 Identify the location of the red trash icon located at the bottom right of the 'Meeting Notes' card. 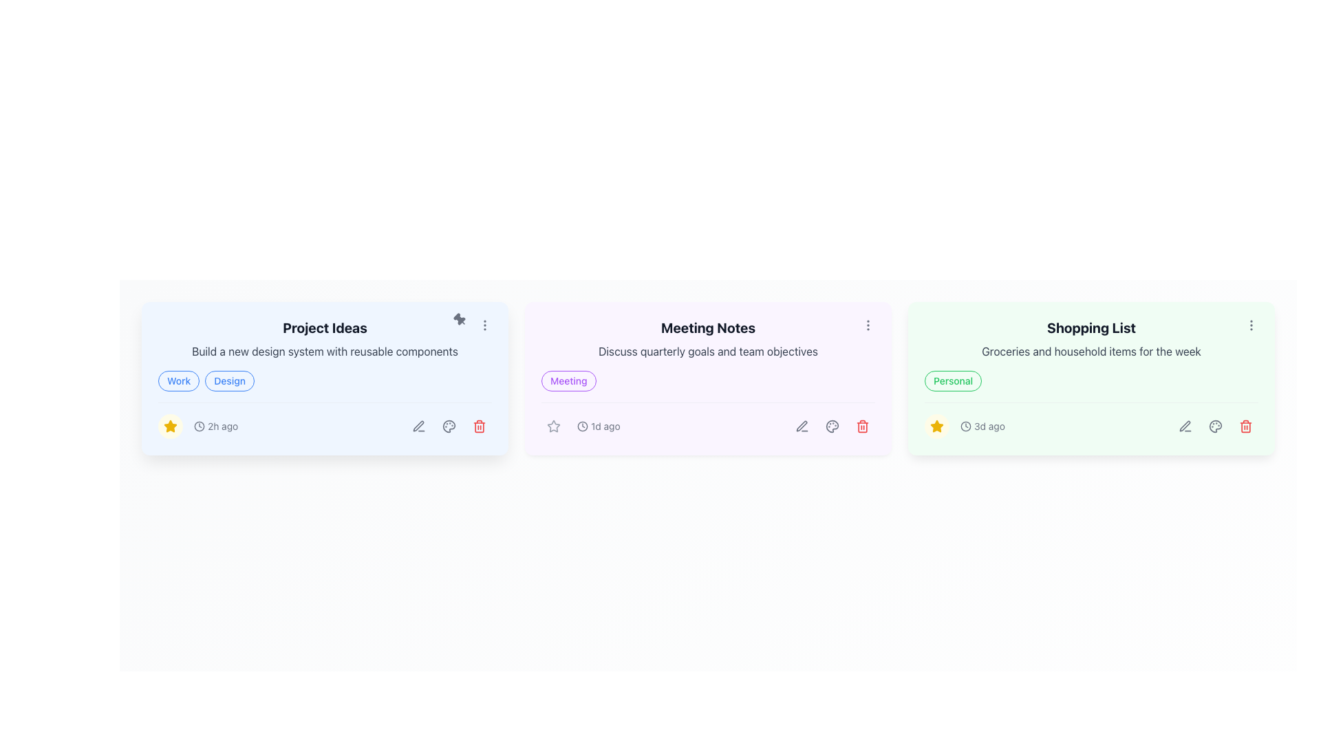
(861, 426).